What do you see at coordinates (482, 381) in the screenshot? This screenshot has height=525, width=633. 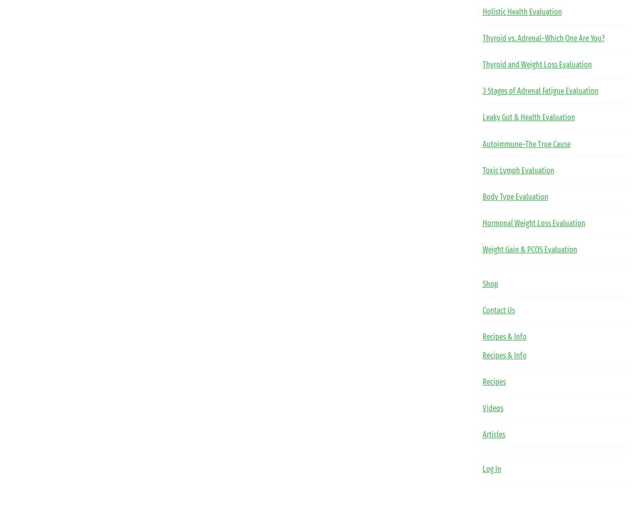 I see `'Recipes'` at bounding box center [482, 381].